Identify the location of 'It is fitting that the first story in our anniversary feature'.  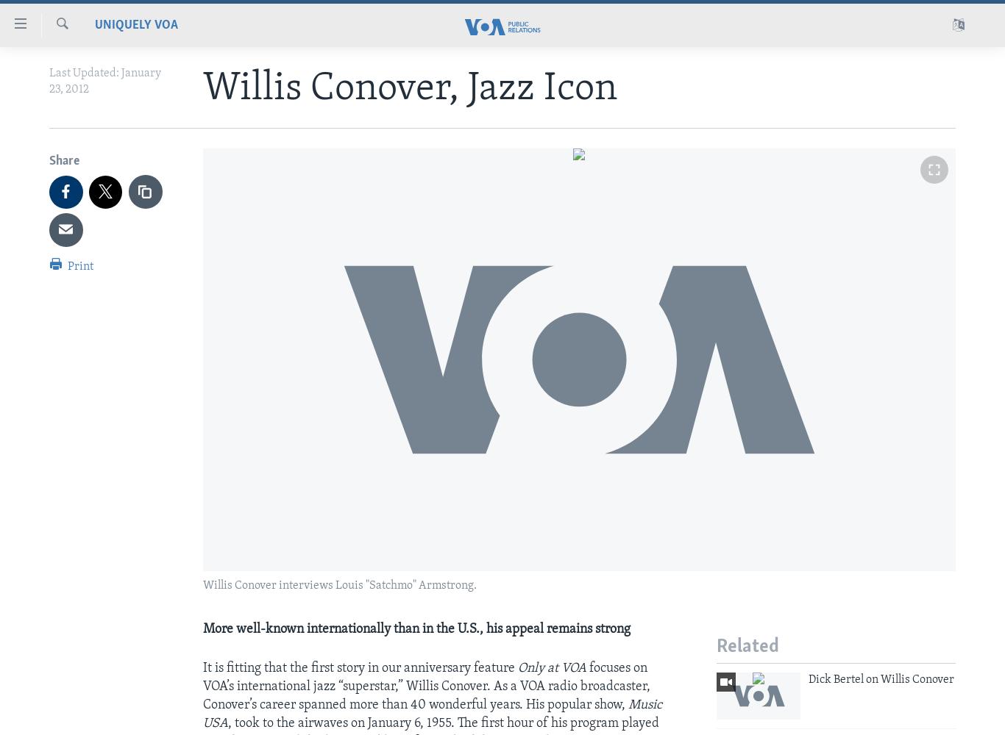
(202, 667).